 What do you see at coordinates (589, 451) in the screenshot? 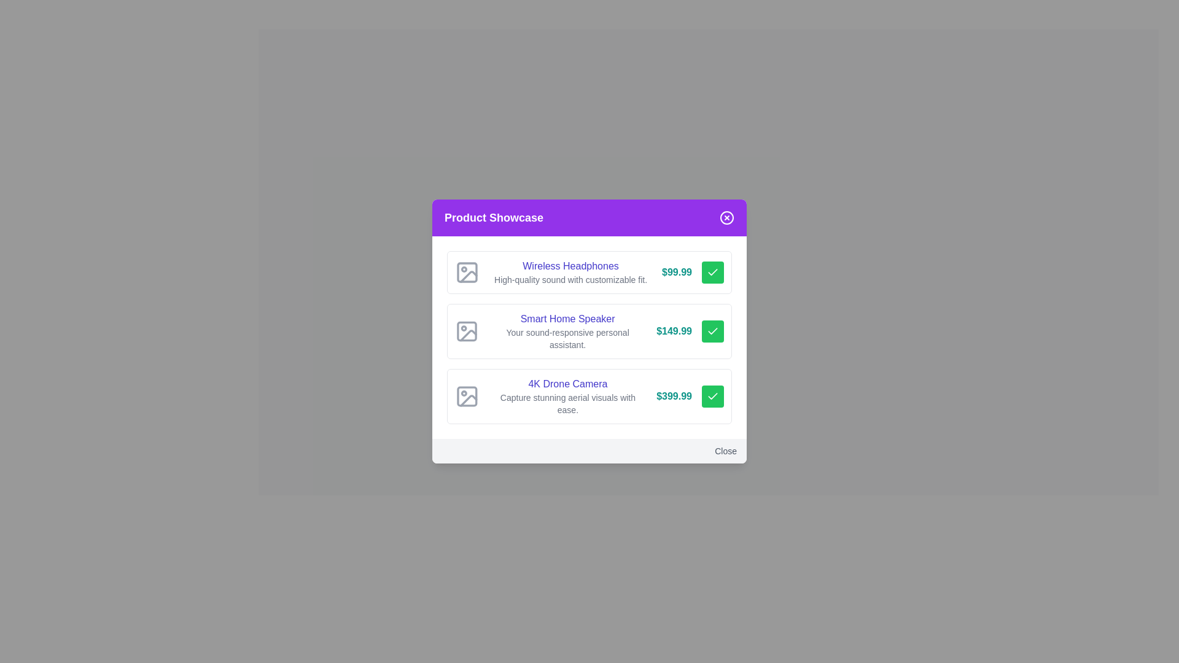
I see `the 'Close' button at the bottom of the 'Product Showcase' modal to observe any hover effects` at bounding box center [589, 451].